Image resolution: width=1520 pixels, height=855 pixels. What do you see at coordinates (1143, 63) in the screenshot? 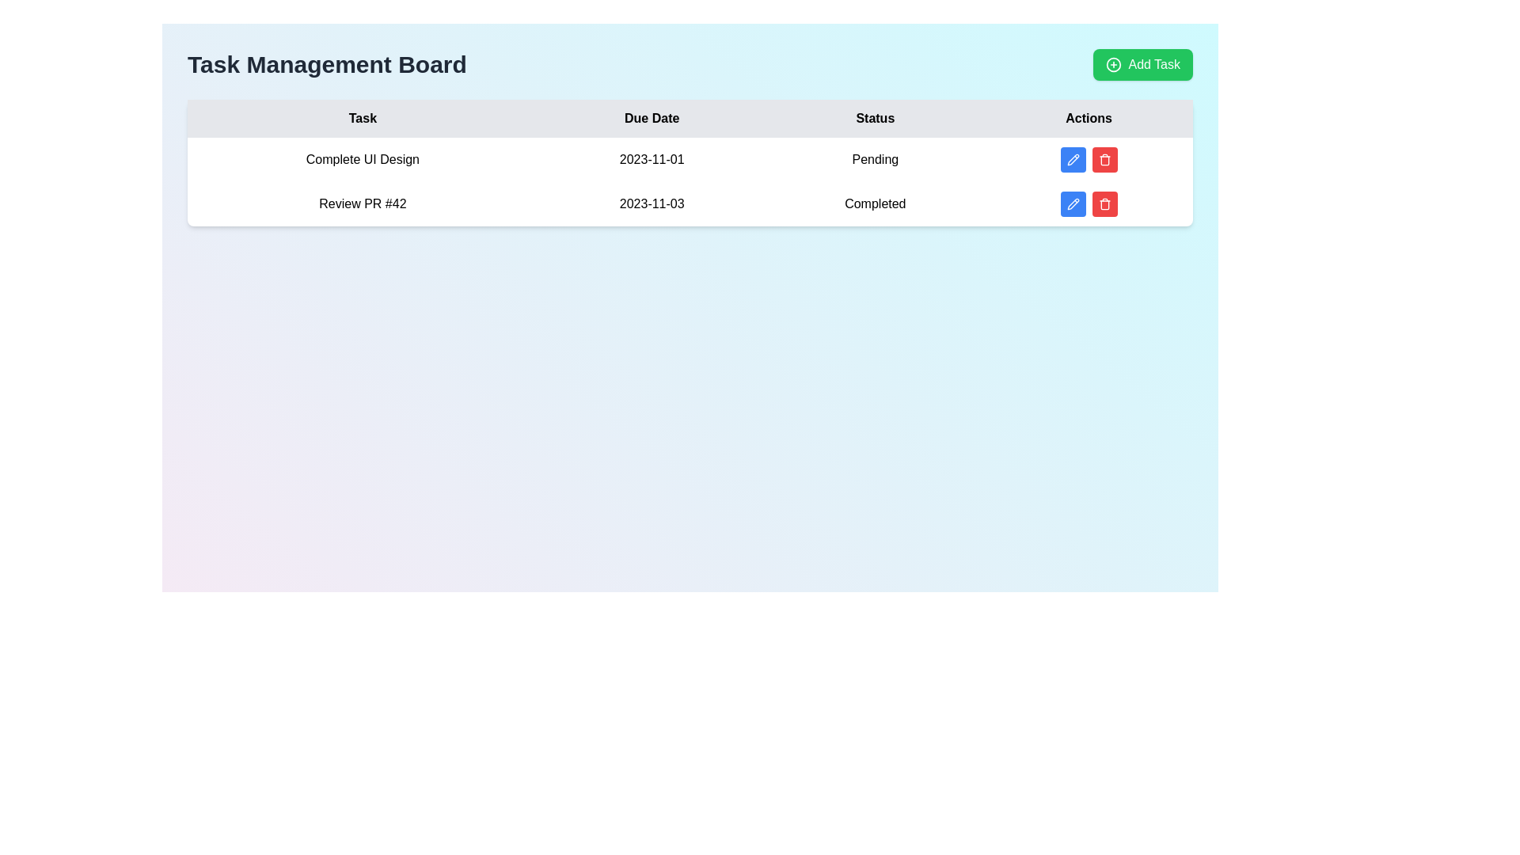
I see `the button located in the top-right corner of the interface next to the 'Task Management Board' header` at bounding box center [1143, 63].